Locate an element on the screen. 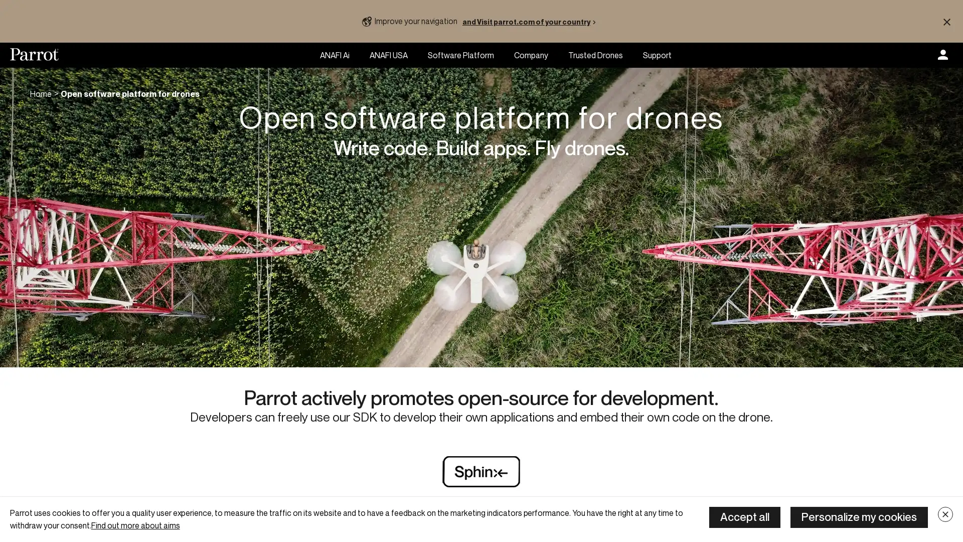 This screenshot has height=542, width=963. close is located at coordinates (945, 514).